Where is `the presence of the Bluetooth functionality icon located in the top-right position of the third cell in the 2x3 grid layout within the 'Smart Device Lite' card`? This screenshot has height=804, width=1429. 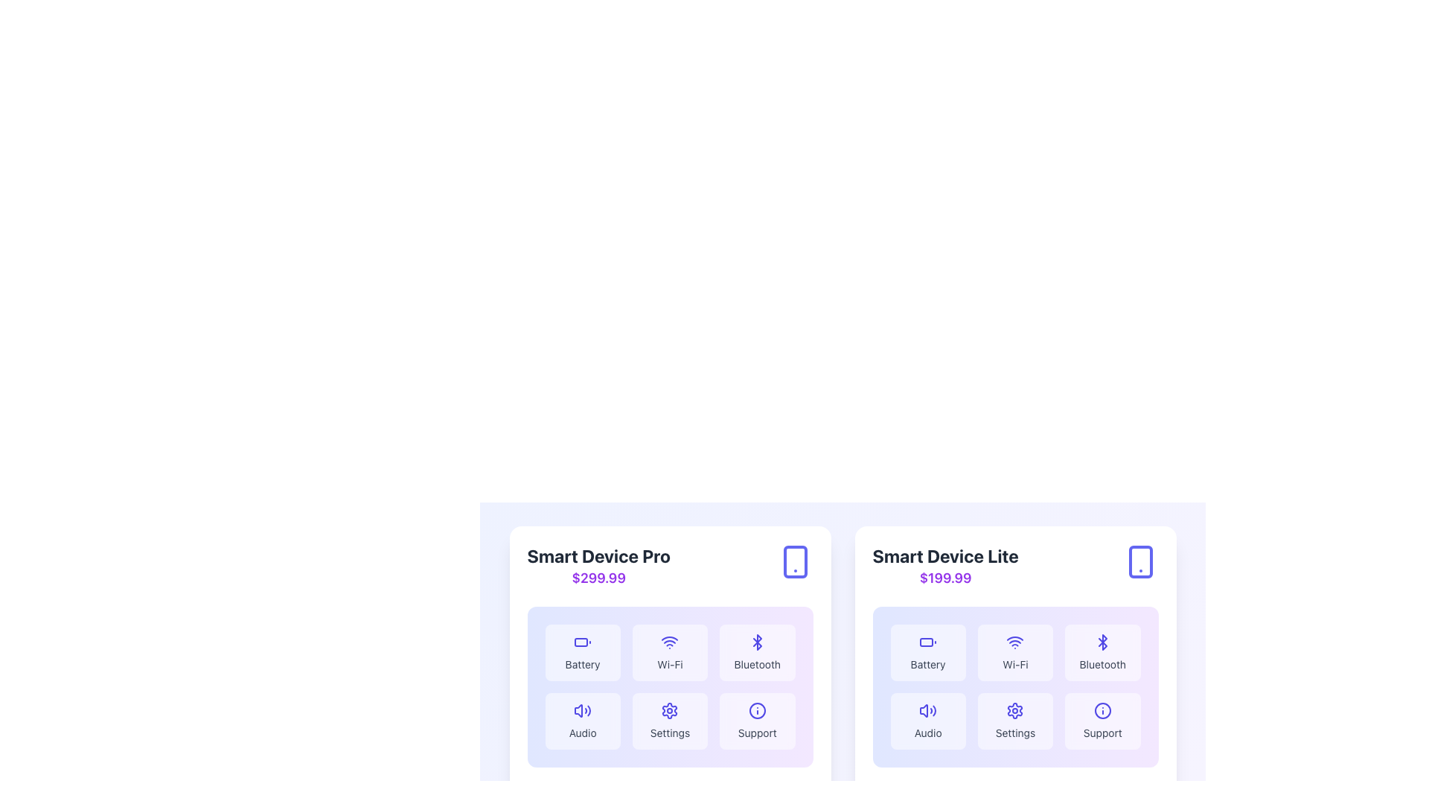 the presence of the Bluetooth functionality icon located in the top-right position of the third cell in the 2x3 grid layout within the 'Smart Device Lite' card is located at coordinates (1102, 642).